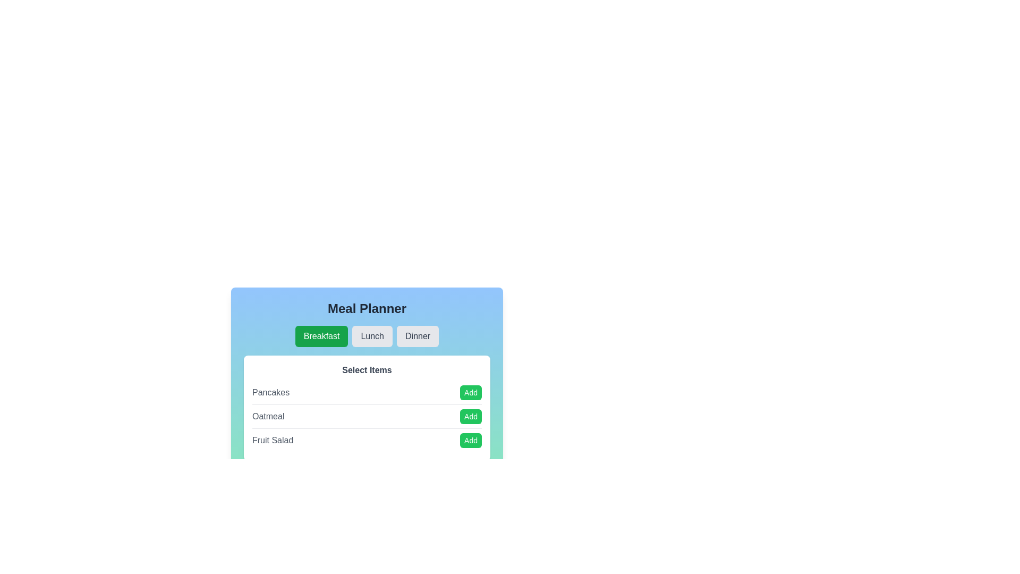  What do you see at coordinates (470, 416) in the screenshot?
I see `the green 'Add' button with rounded corners located to the right of the 'Oatmeal' item in the vertical list` at bounding box center [470, 416].